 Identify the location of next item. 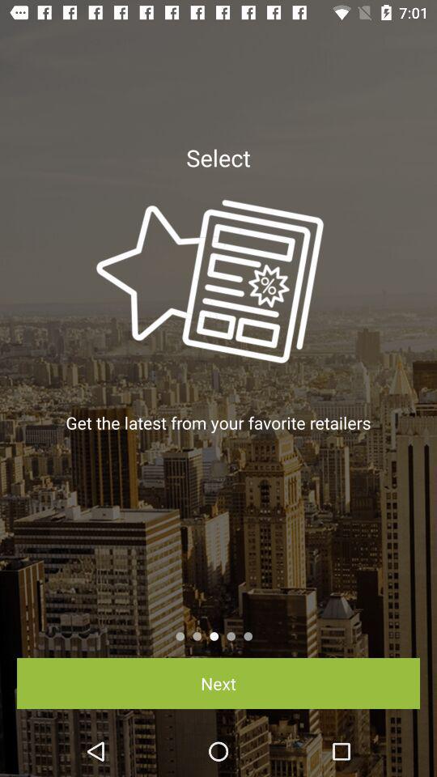
(218, 682).